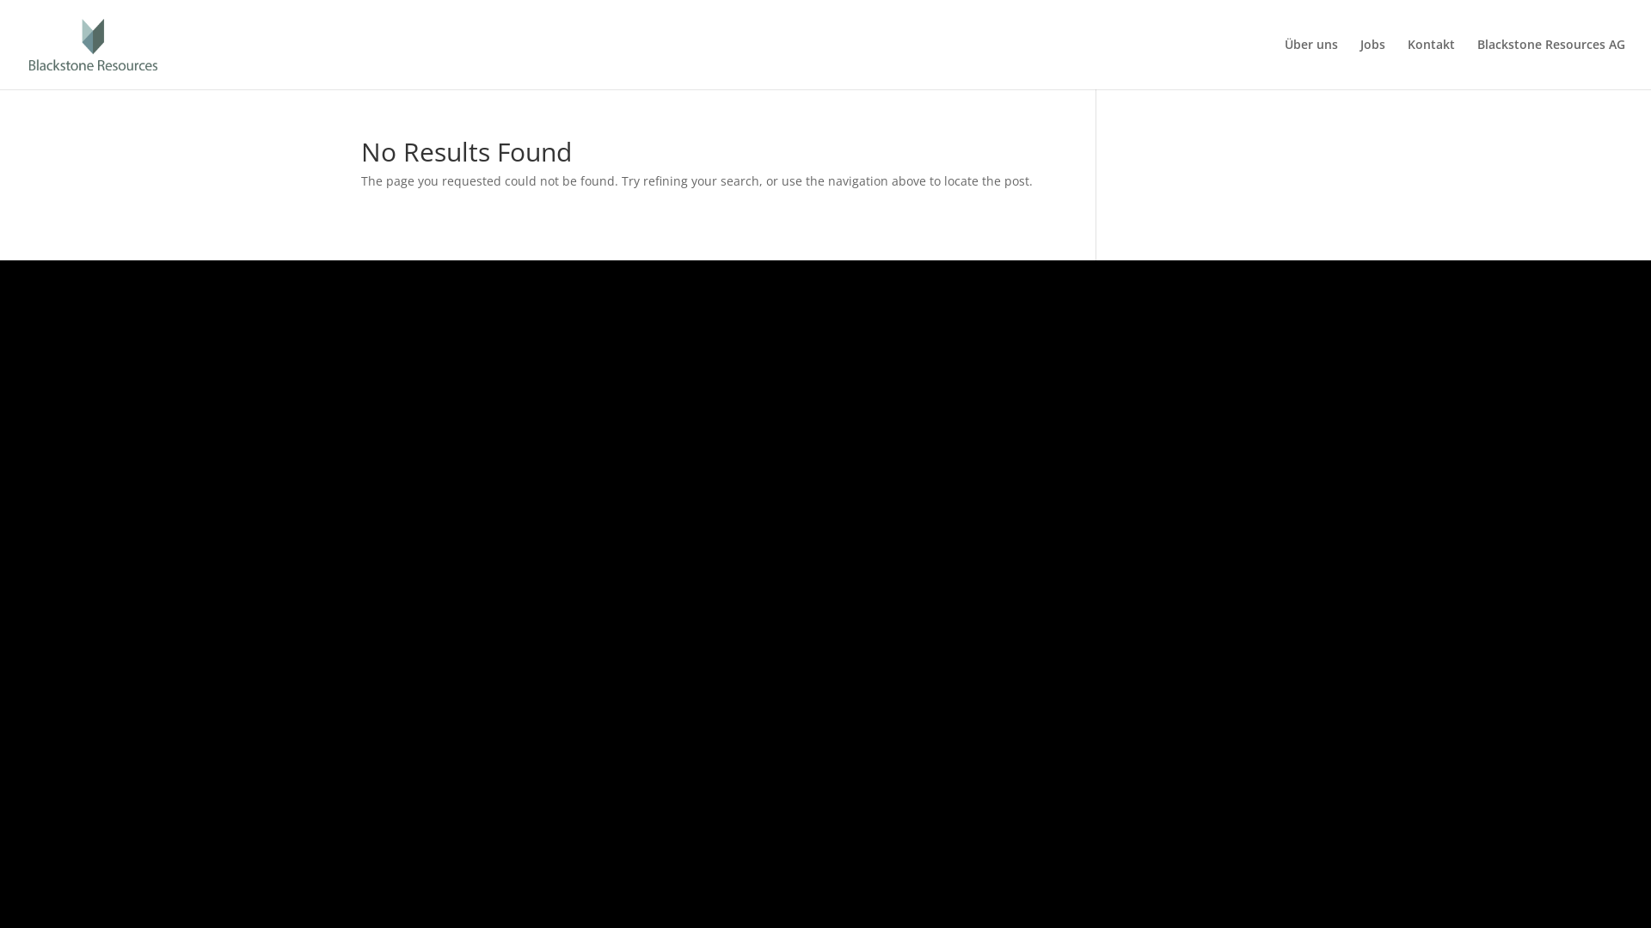  I want to click on 'Kontakt', so click(1431, 63).